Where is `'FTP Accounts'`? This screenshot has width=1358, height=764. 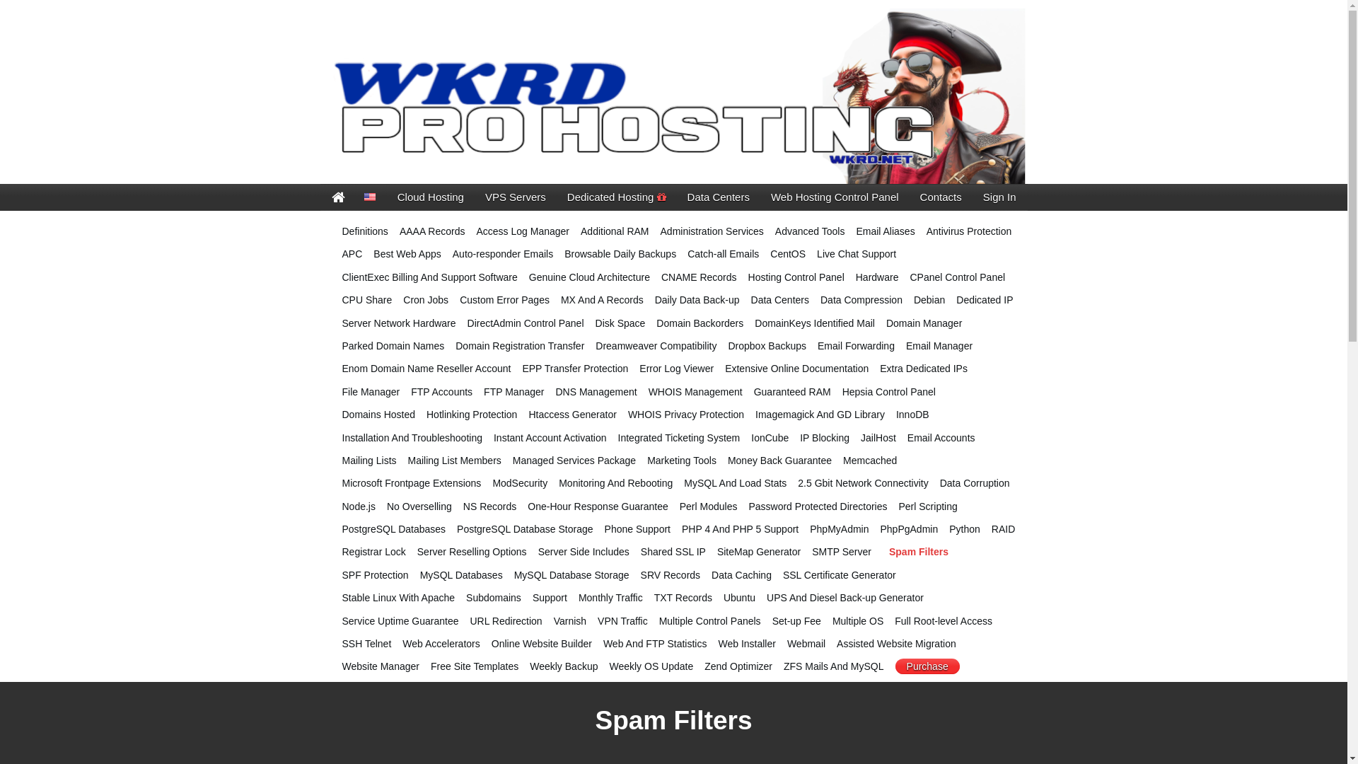 'FTP Accounts' is located at coordinates (441, 392).